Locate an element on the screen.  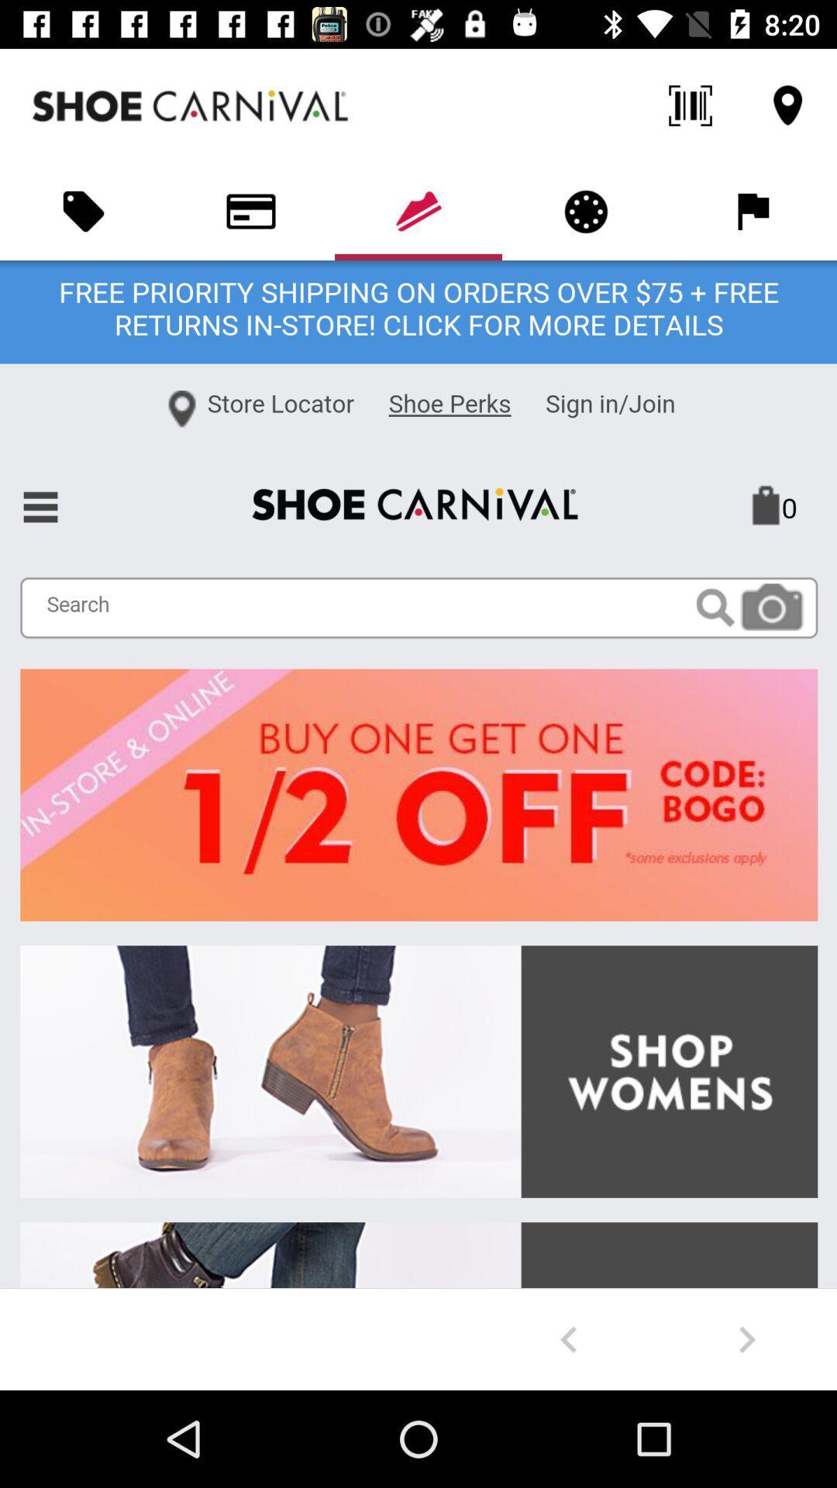
the arrow_backward icon is located at coordinates (568, 1338).